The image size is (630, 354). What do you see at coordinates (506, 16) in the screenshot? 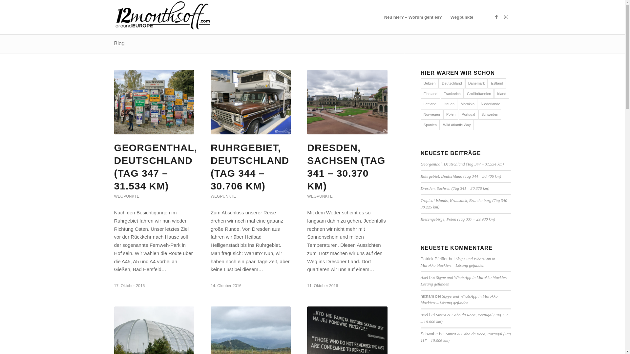
I see `'Instagram'` at bounding box center [506, 16].